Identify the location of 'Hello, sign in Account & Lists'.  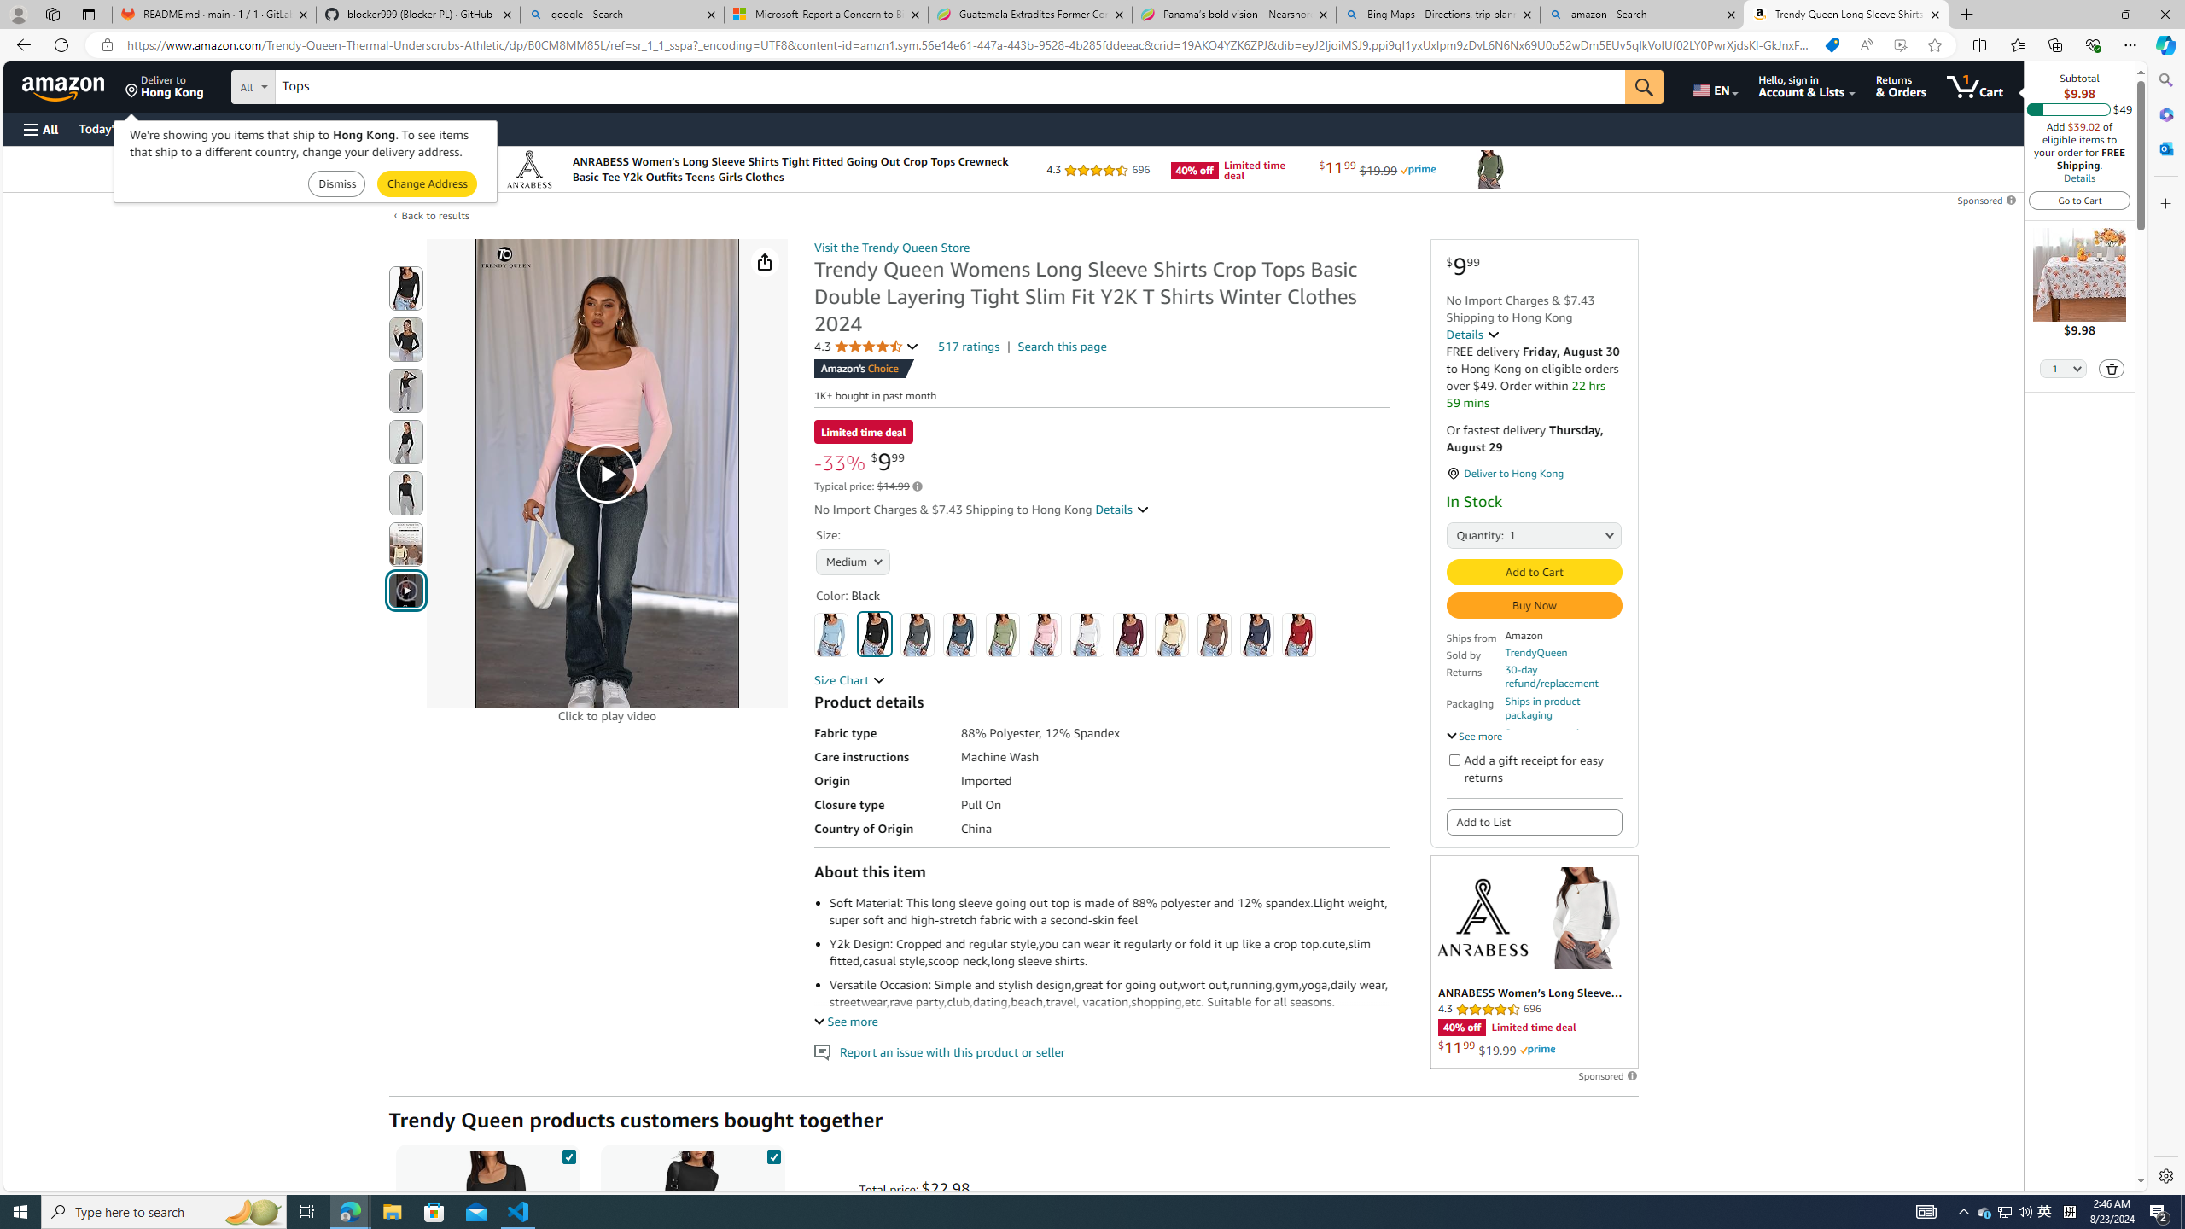
(1806, 85).